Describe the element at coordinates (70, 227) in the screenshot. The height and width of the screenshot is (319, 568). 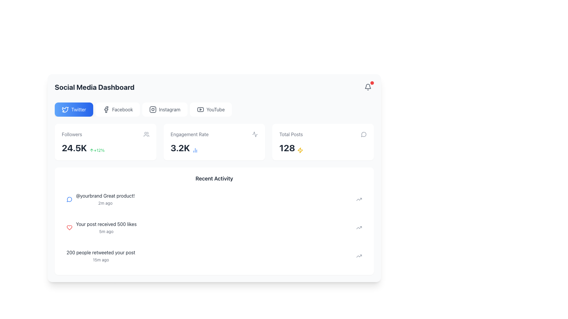
I see `the heart-shaped icon outlined in red, located in the second row of the 'Recent Activity' panel next to the text 'Your post received 500 likes'` at that location.